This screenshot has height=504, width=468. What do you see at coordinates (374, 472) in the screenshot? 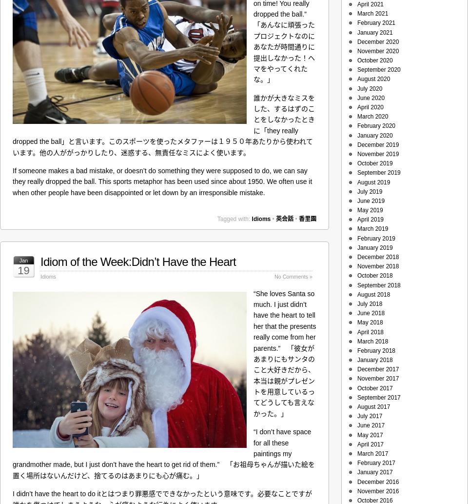
I see `'January 2017'` at bounding box center [374, 472].